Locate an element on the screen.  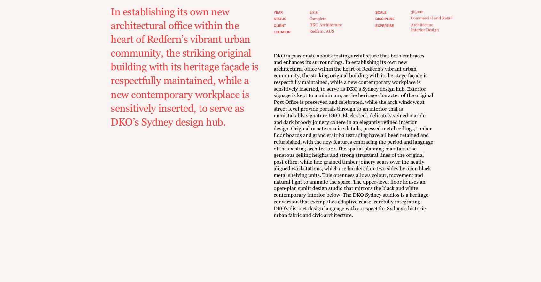
'DISCIPLINE' is located at coordinates (385, 19).